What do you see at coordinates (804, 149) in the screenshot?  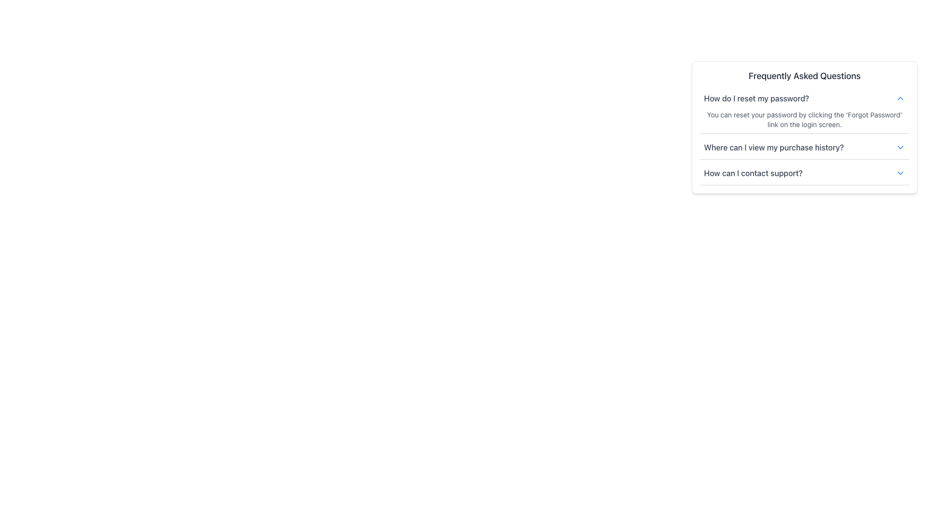 I see `the second FAQ item in the vertical list` at bounding box center [804, 149].